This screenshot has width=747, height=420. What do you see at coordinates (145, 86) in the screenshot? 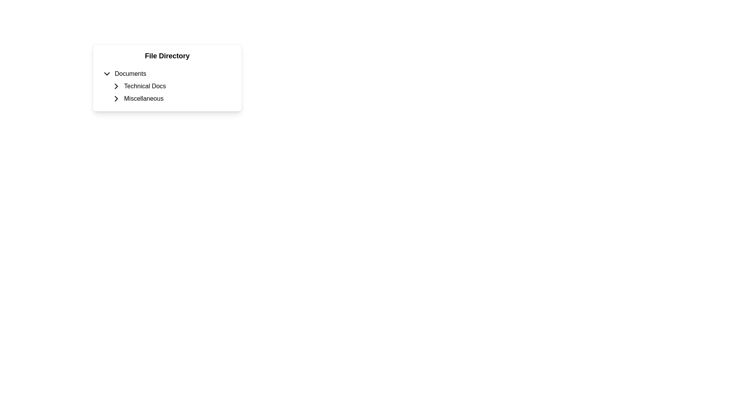
I see `the 'Technical Docs' text label, which is styled in bold sans-serif font and located in the left panel under the 'Documents' hierarchy` at bounding box center [145, 86].